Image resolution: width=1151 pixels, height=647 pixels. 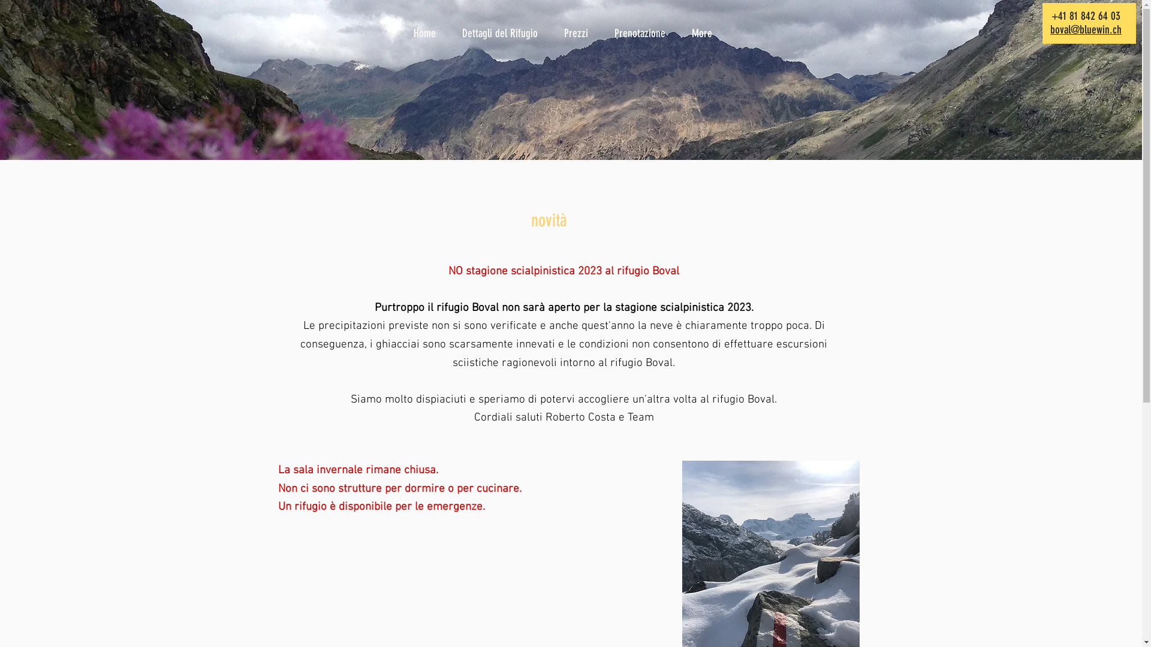 What do you see at coordinates (605, 32) in the screenshot?
I see `'Prenotazione'` at bounding box center [605, 32].